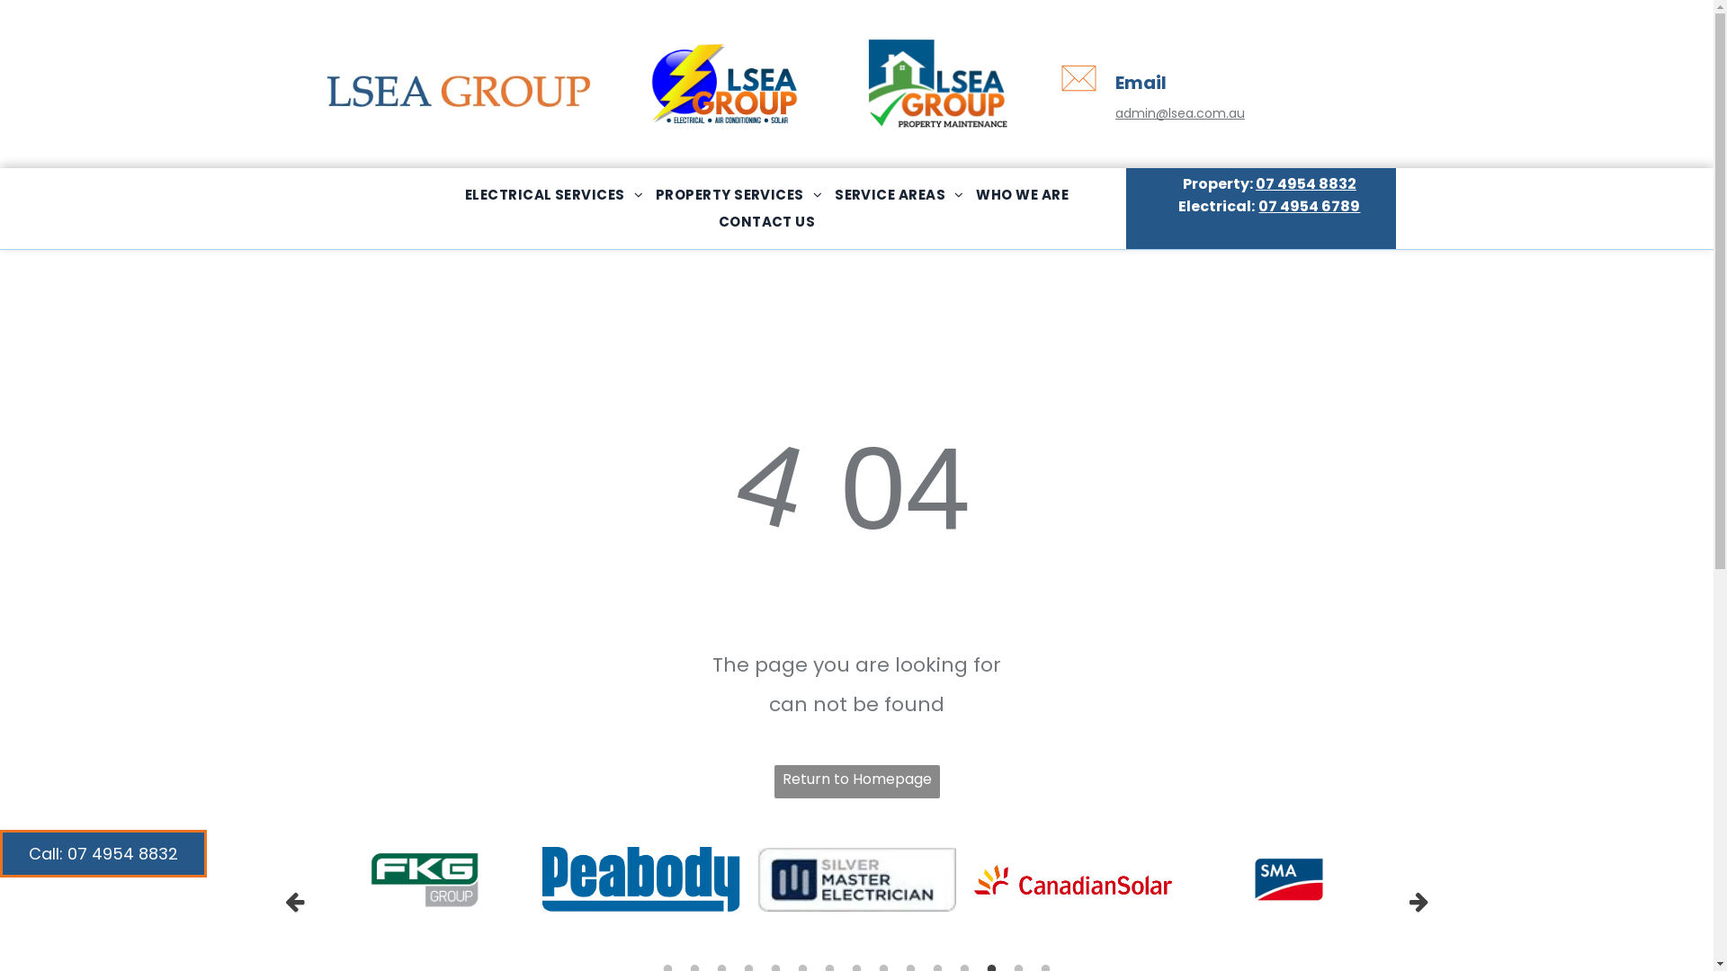  I want to click on 'LSEA Group Property Maintenance', so click(936, 83).